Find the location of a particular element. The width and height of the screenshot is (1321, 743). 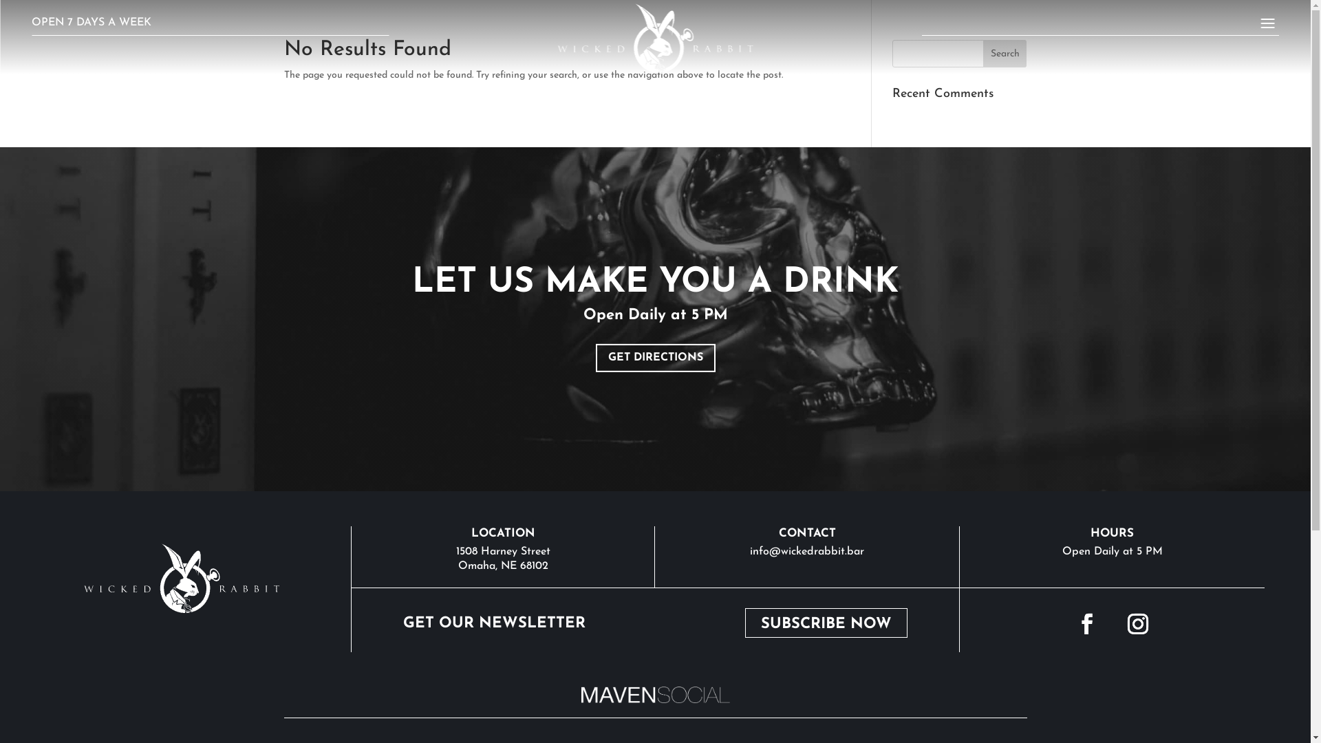

'Follow on Instagram' is located at coordinates (1138, 623).